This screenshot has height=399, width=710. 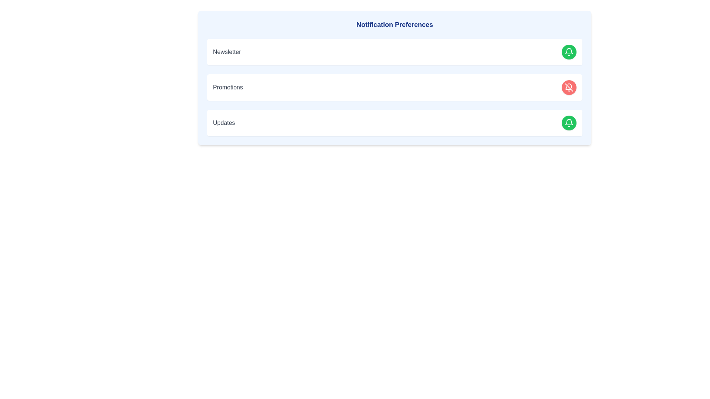 What do you see at coordinates (569, 87) in the screenshot?
I see `the 'Promotions' toggle button to change its state` at bounding box center [569, 87].